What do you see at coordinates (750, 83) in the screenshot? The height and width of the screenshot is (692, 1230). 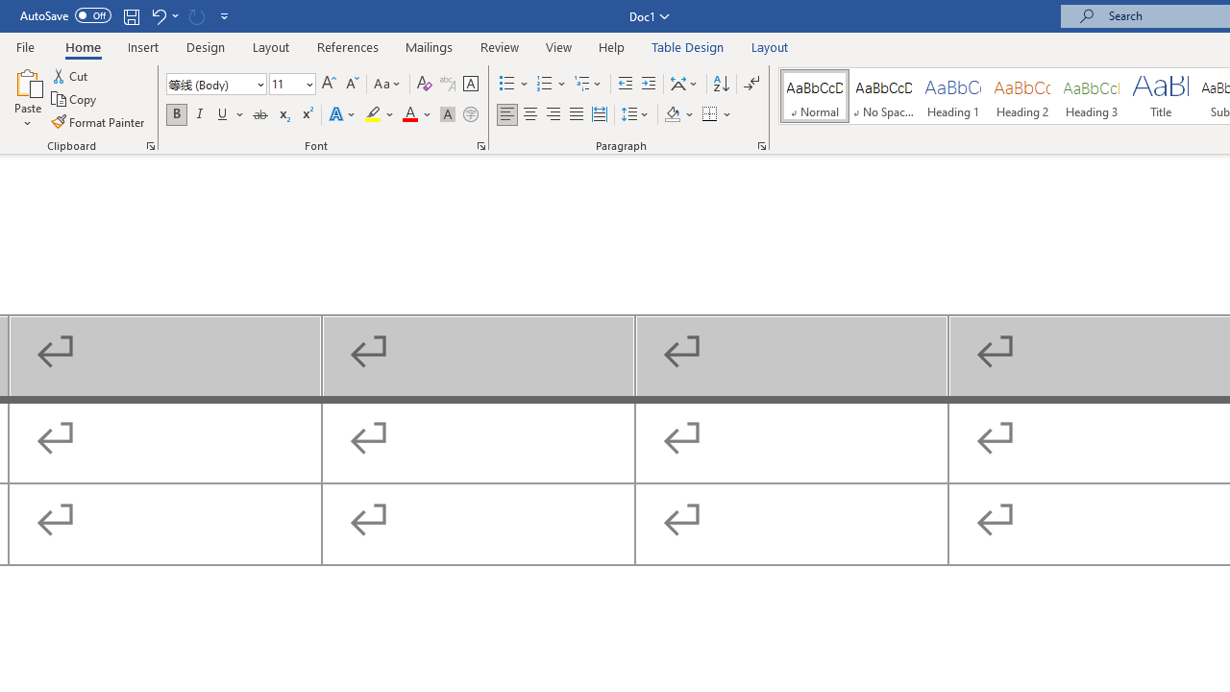 I see `'Show/Hide Editing Marks'` at bounding box center [750, 83].